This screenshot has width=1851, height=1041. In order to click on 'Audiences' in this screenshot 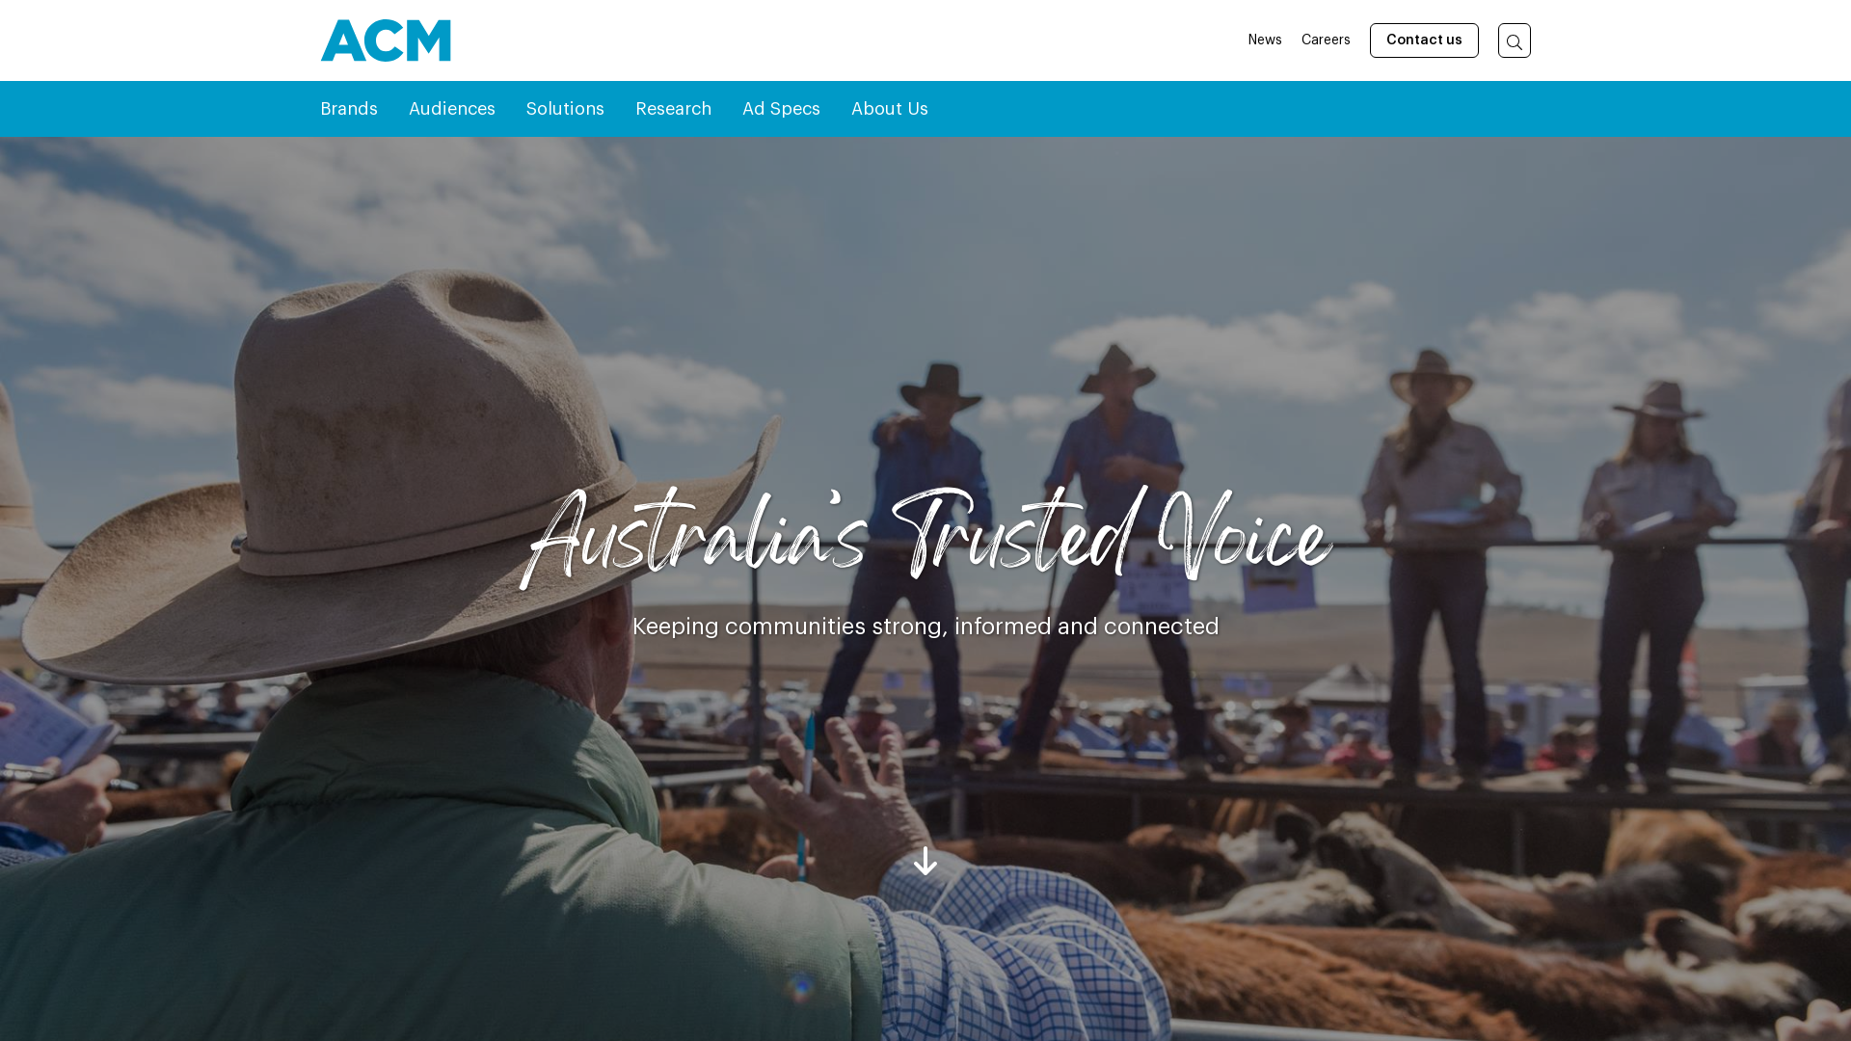, I will do `click(451, 108)`.